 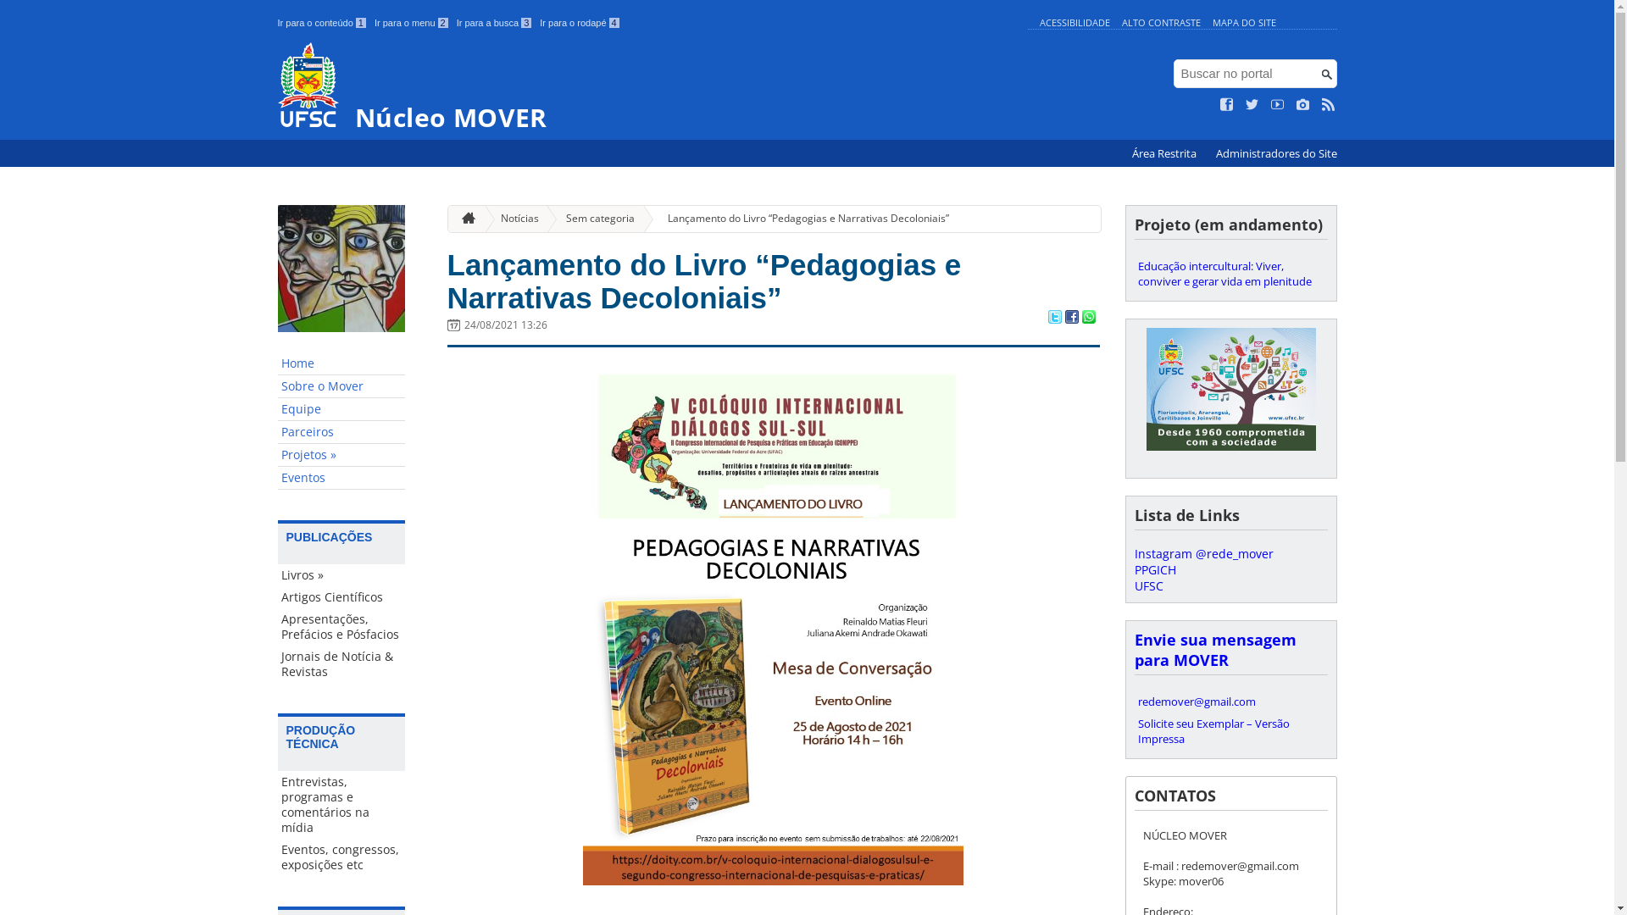 What do you see at coordinates (1134, 585) in the screenshot?
I see `'UFSC'` at bounding box center [1134, 585].